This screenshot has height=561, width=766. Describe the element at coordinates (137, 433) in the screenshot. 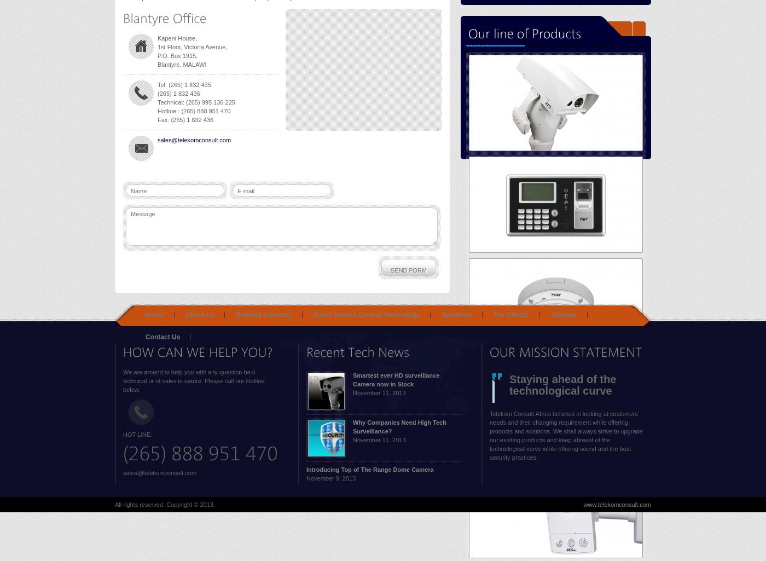

I see `'HOT LINE:'` at that location.